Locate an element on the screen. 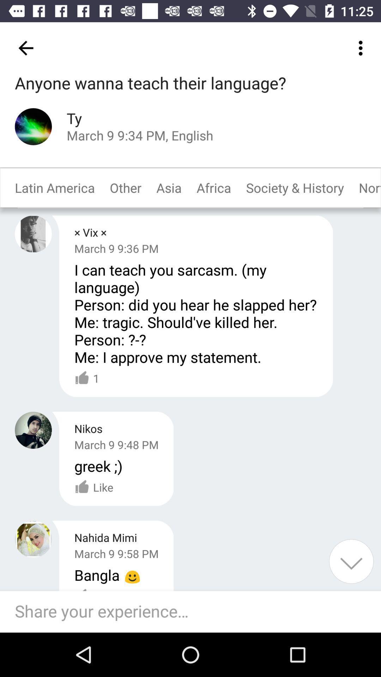  1 icon is located at coordinates (86, 378).